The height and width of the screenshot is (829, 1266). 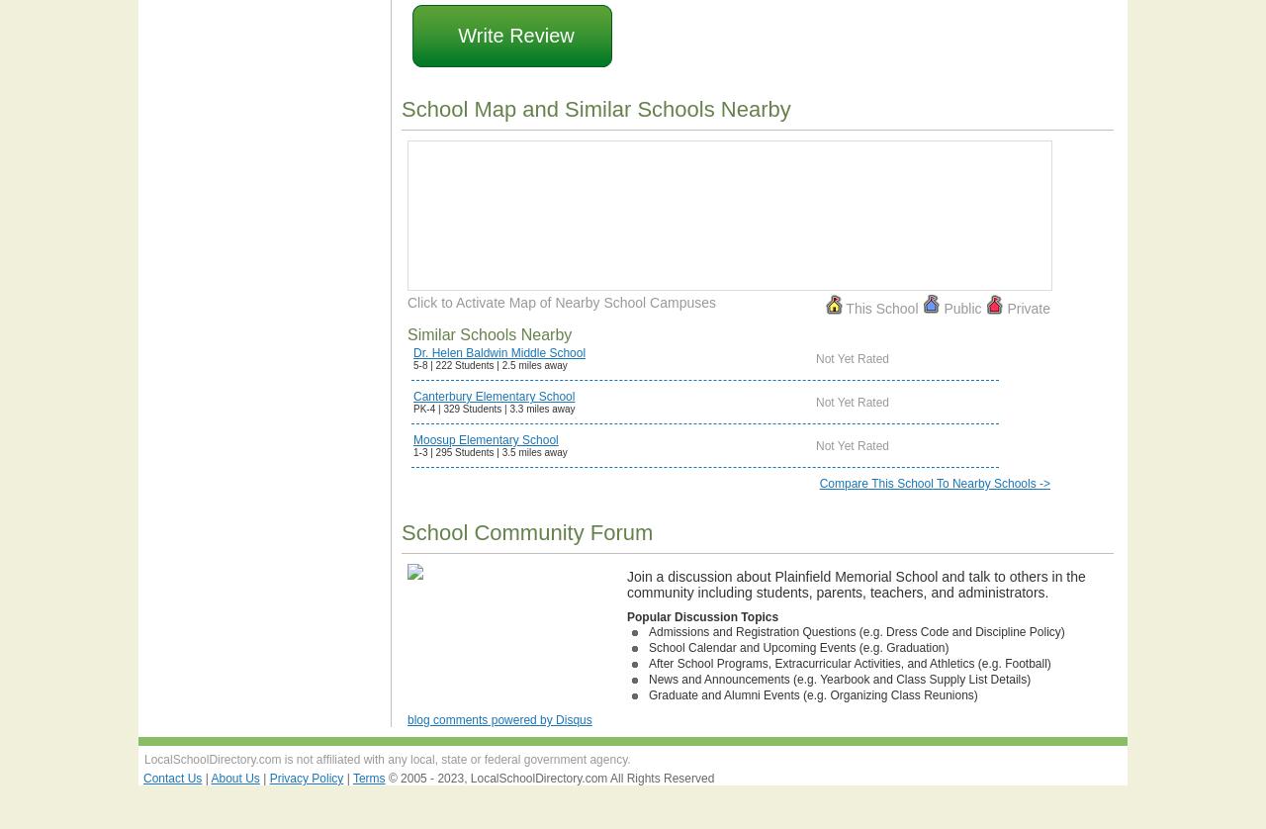 I want to click on 'School Community Forum', so click(x=526, y=532).